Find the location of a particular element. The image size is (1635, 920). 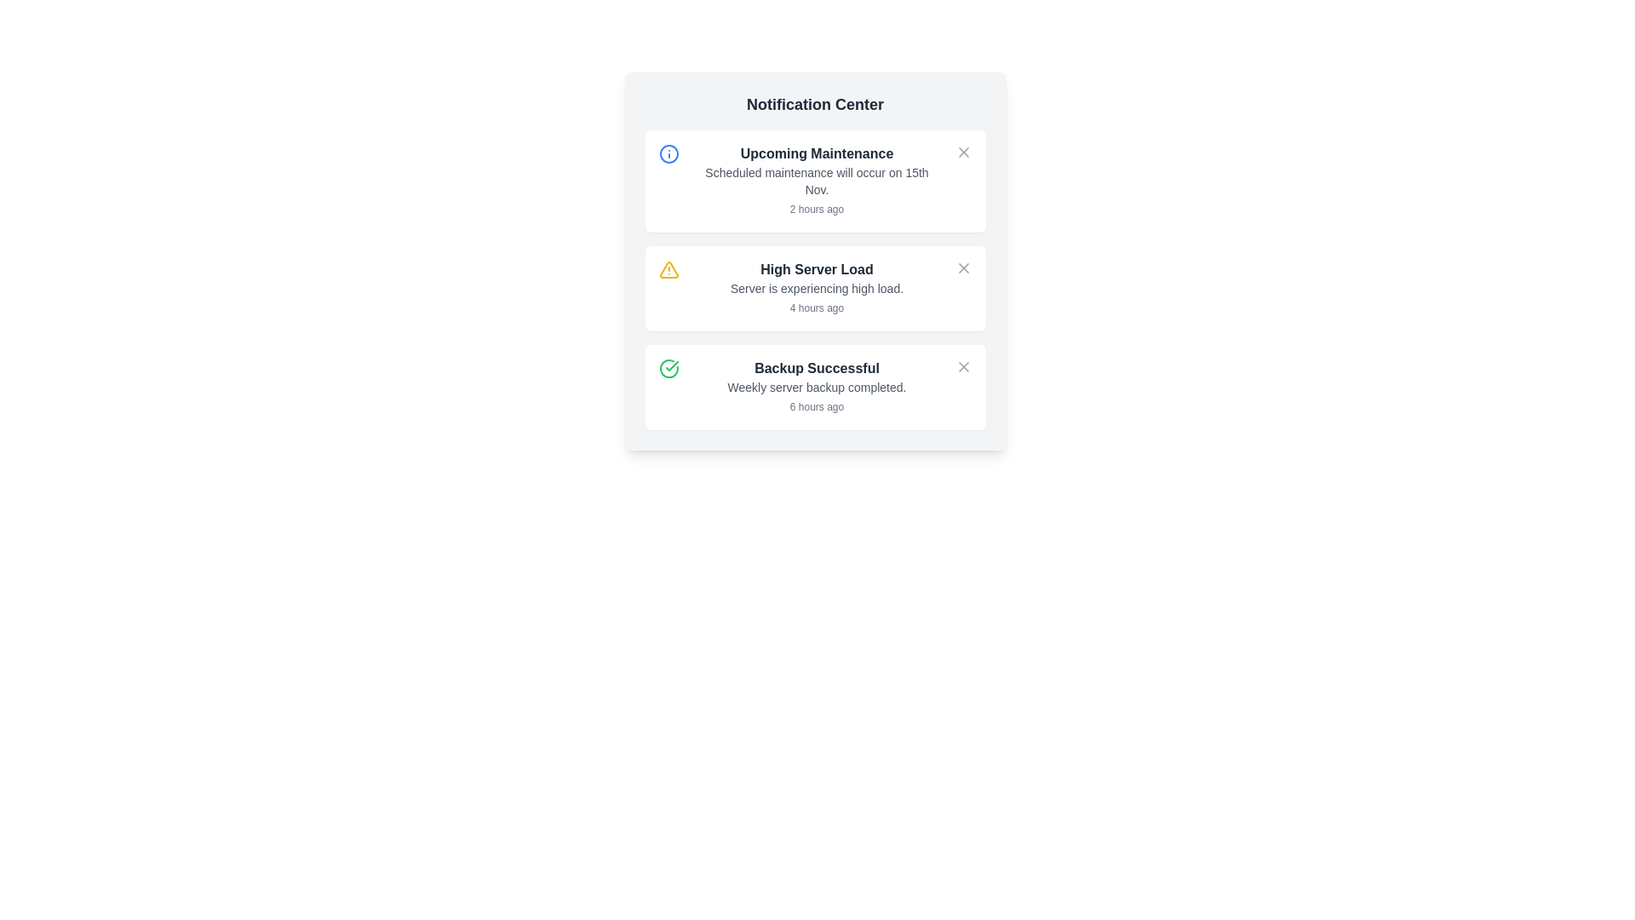

the title label of the notification message located at the top of the first notification card in the Notification Center is located at coordinates (816, 154).